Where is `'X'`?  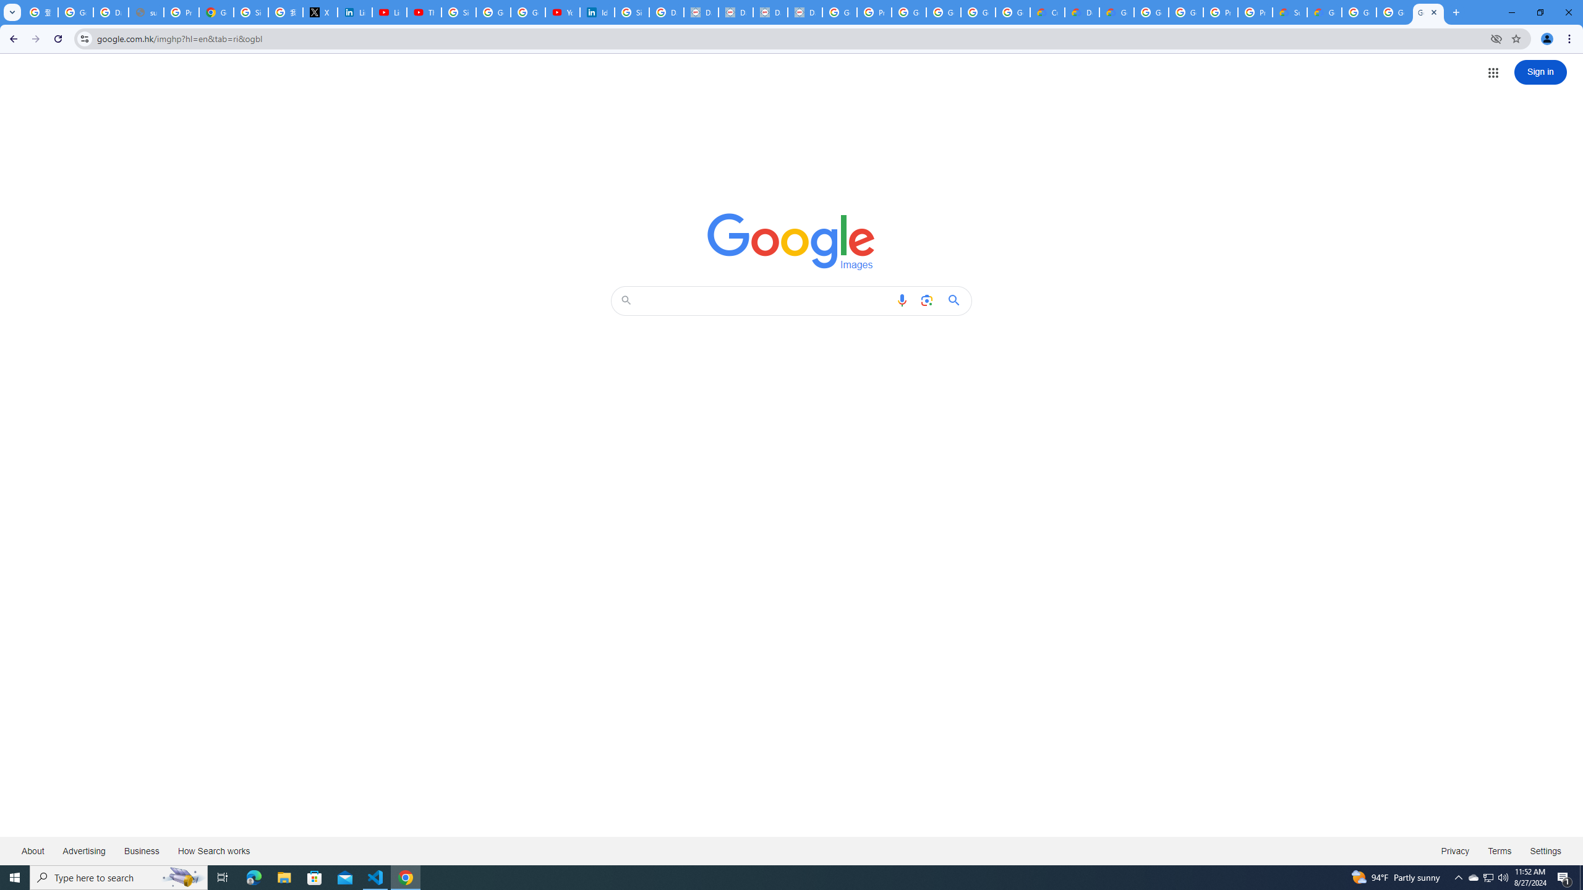
'X' is located at coordinates (320, 12).